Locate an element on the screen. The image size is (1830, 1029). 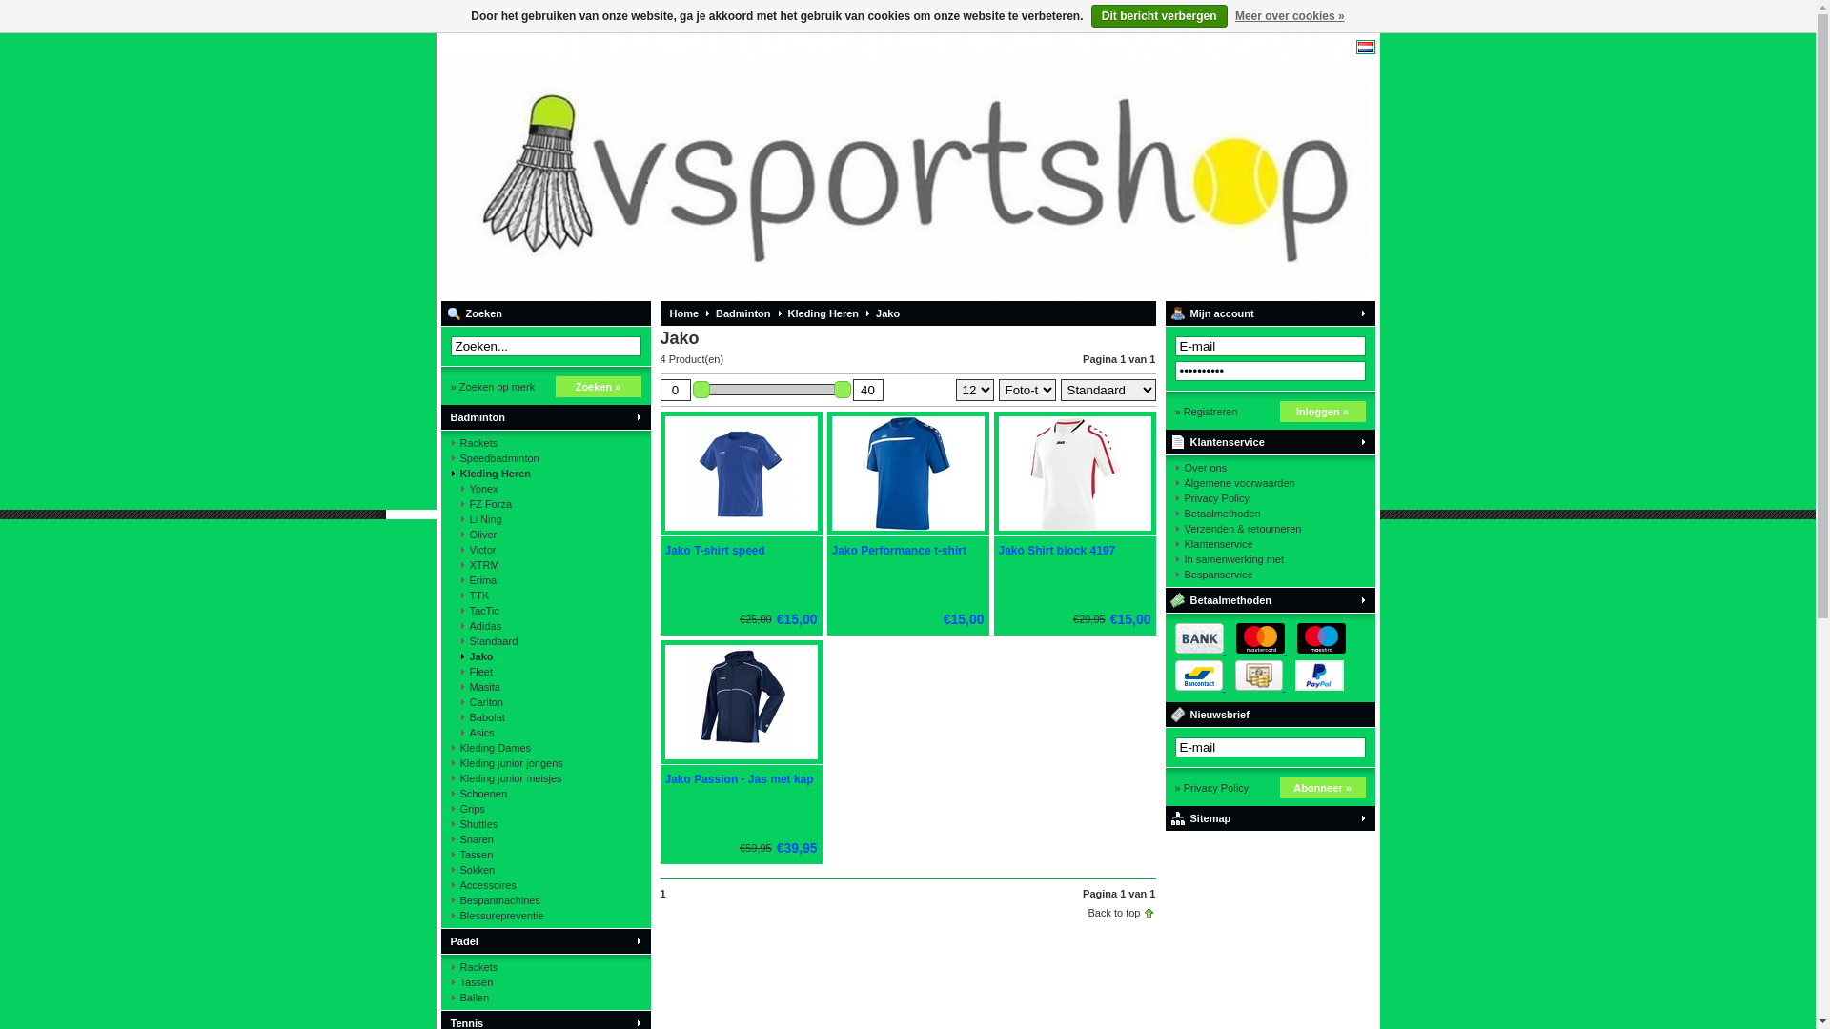
'Grips' is located at coordinates (543, 808).